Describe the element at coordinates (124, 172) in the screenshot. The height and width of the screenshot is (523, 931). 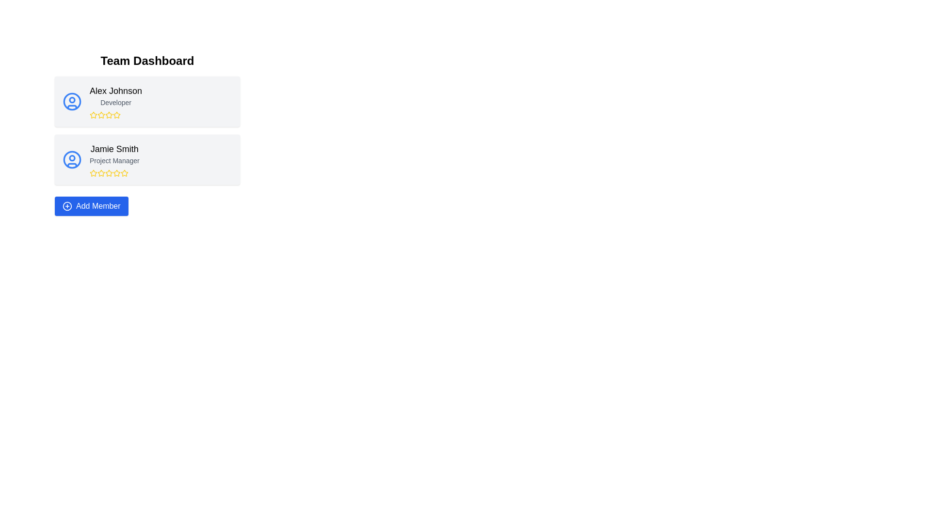
I see `the fourth yellow star icon in the five-star rating layout under the 'Jamie Smith' profile section in the 'Team Dashboard' view` at that location.